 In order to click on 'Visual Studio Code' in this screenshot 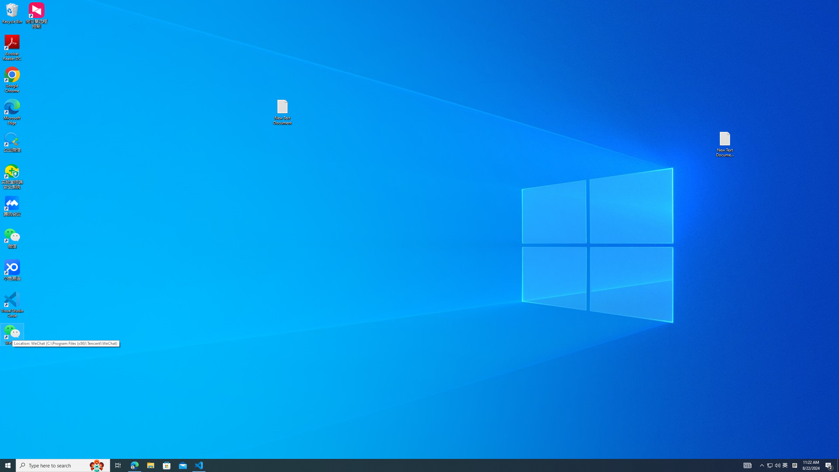, I will do `click(12, 304)`.